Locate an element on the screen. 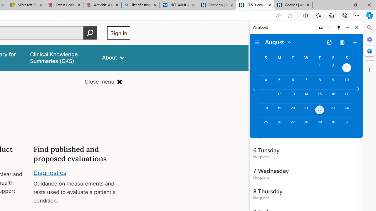 The height and width of the screenshot is (211, 376). 'Tuesday, August 20, 2024. ' is located at coordinates (293, 110).